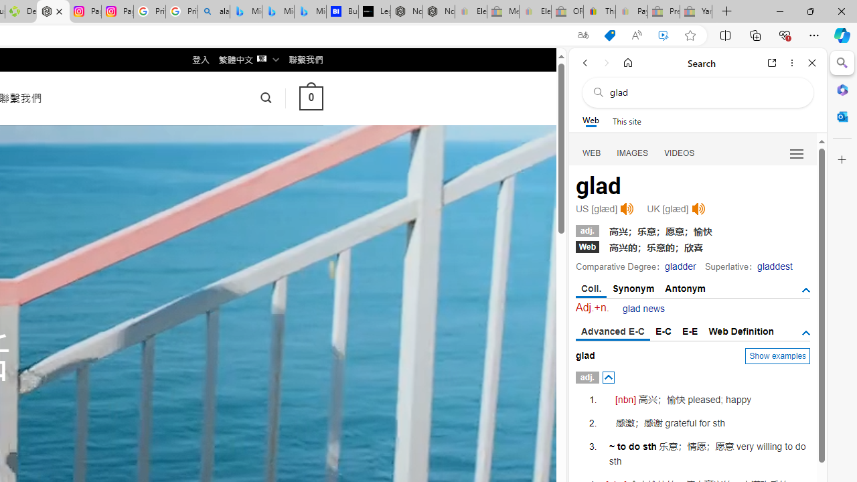  I want to click on 'Yard, Garden & Outdoor Living - Sleeping', so click(696, 11).